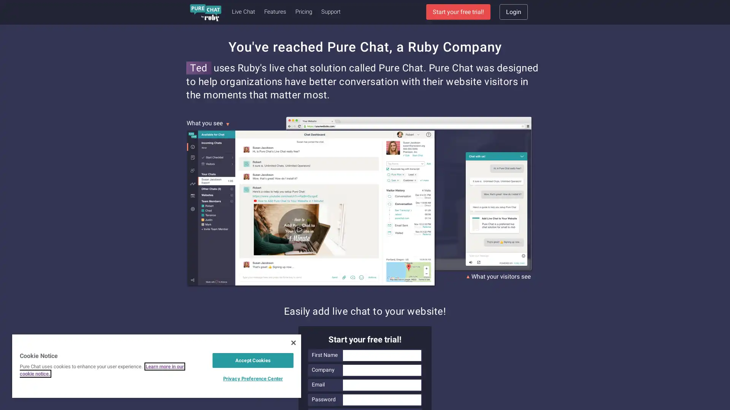 This screenshot has height=410, width=730. Describe the element at coordinates (293, 342) in the screenshot. I see `Close` at that location.